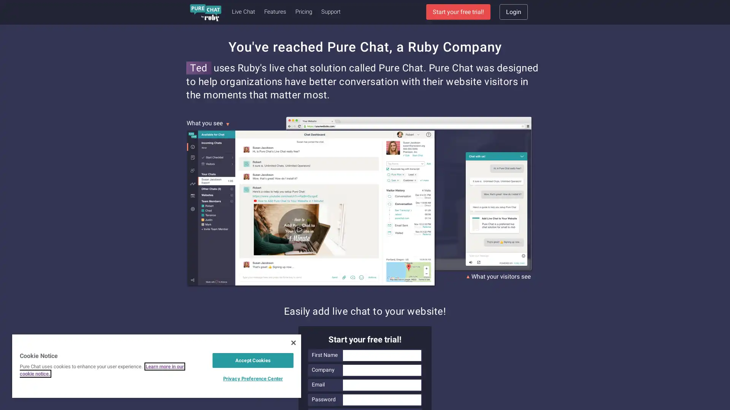 This screenshot has height=410, width=730. Describe the element at coordinates (293, 342) in the screenshot. I see `Close` at that location.